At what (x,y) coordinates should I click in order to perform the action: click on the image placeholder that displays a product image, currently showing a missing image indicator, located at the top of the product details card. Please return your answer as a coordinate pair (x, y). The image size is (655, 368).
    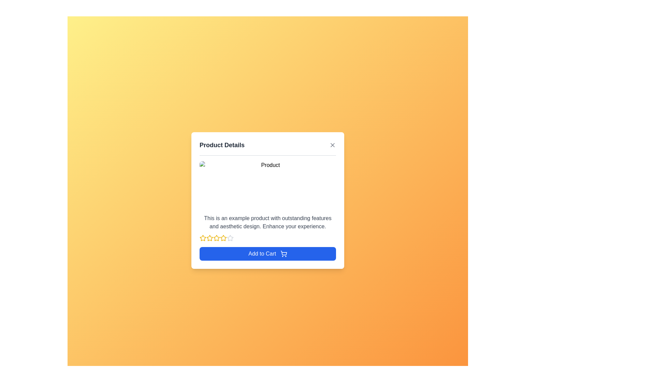
    Looking at the image, I should click on (267, 185).